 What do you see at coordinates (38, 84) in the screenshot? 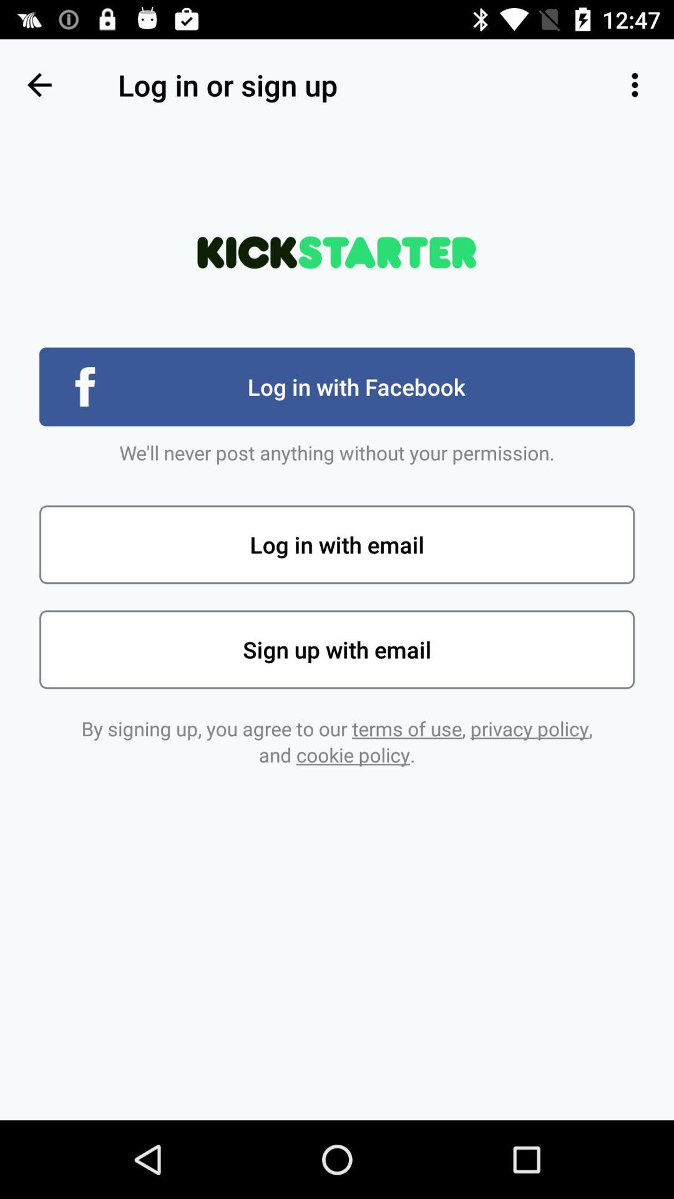
I see `item to the left of the log in or item` at bounding box center [38, 84].